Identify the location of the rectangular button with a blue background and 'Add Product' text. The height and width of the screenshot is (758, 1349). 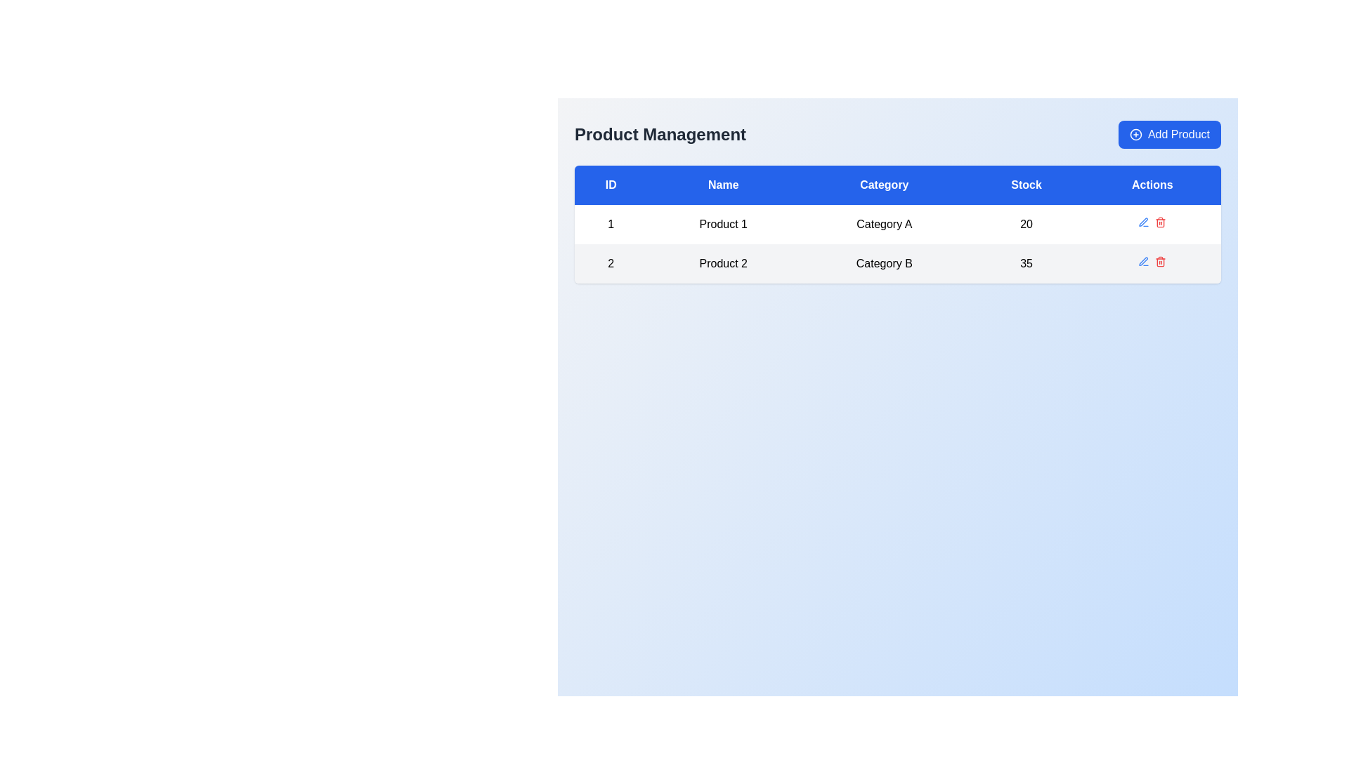
(1170, 135).